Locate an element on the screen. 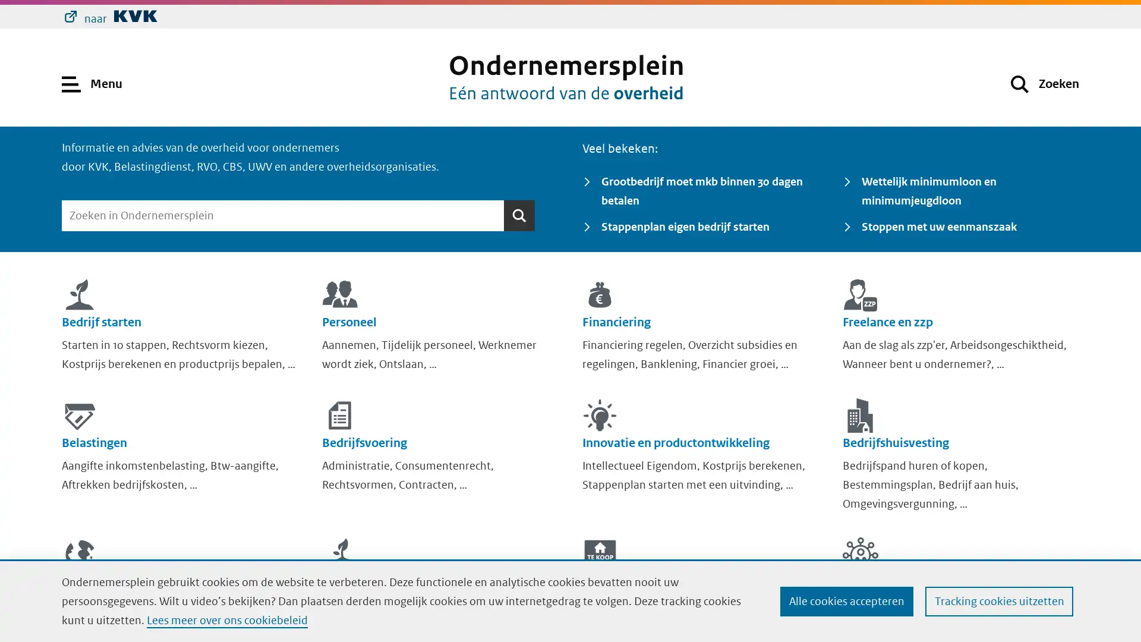 This screenshot has width=1141, height=642. Zoeken Zoeken is located at coordinates (519, 220).